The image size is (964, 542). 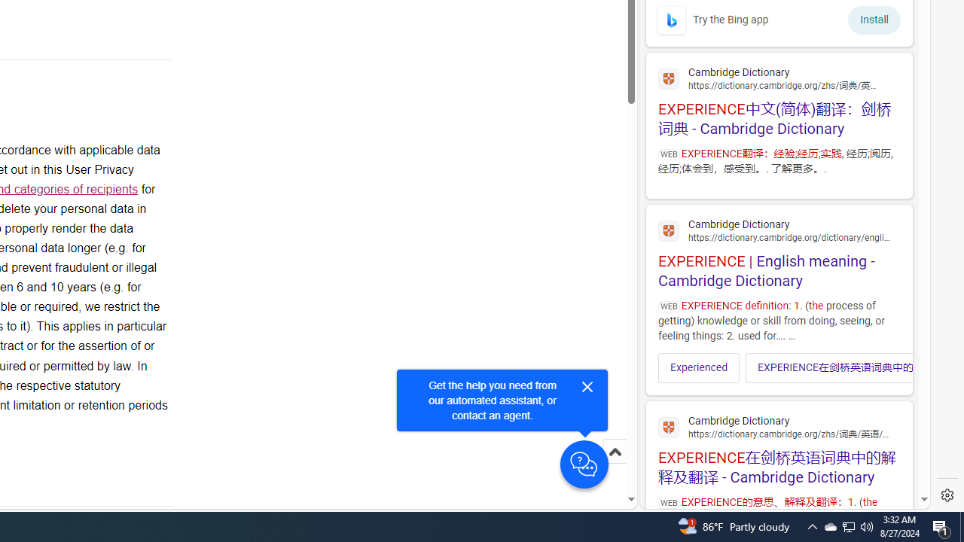 What do you see at coordinates (668, 428) in the screenshot?
I see `'Global web icon'` at bounding box center [668, 428].